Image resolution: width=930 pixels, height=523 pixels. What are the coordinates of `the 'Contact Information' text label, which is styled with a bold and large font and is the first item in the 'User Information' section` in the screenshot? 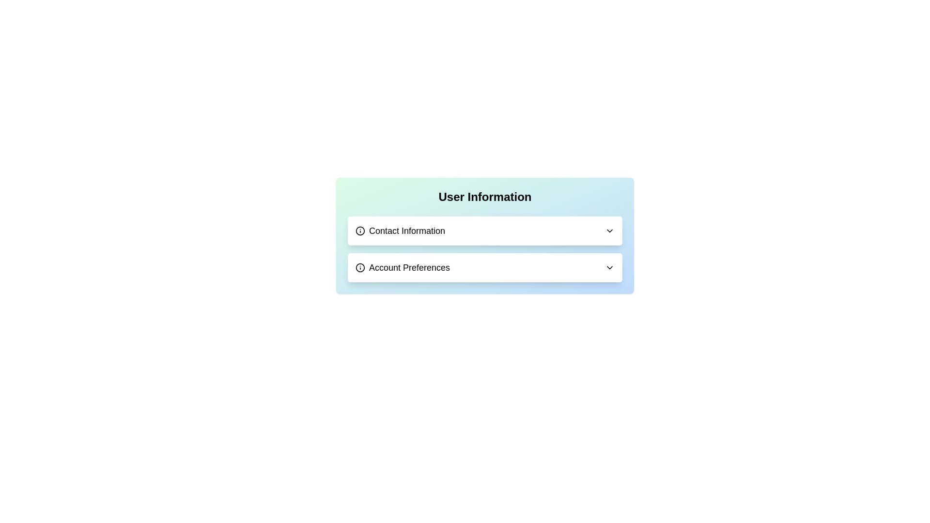 It's located at (400, 231).